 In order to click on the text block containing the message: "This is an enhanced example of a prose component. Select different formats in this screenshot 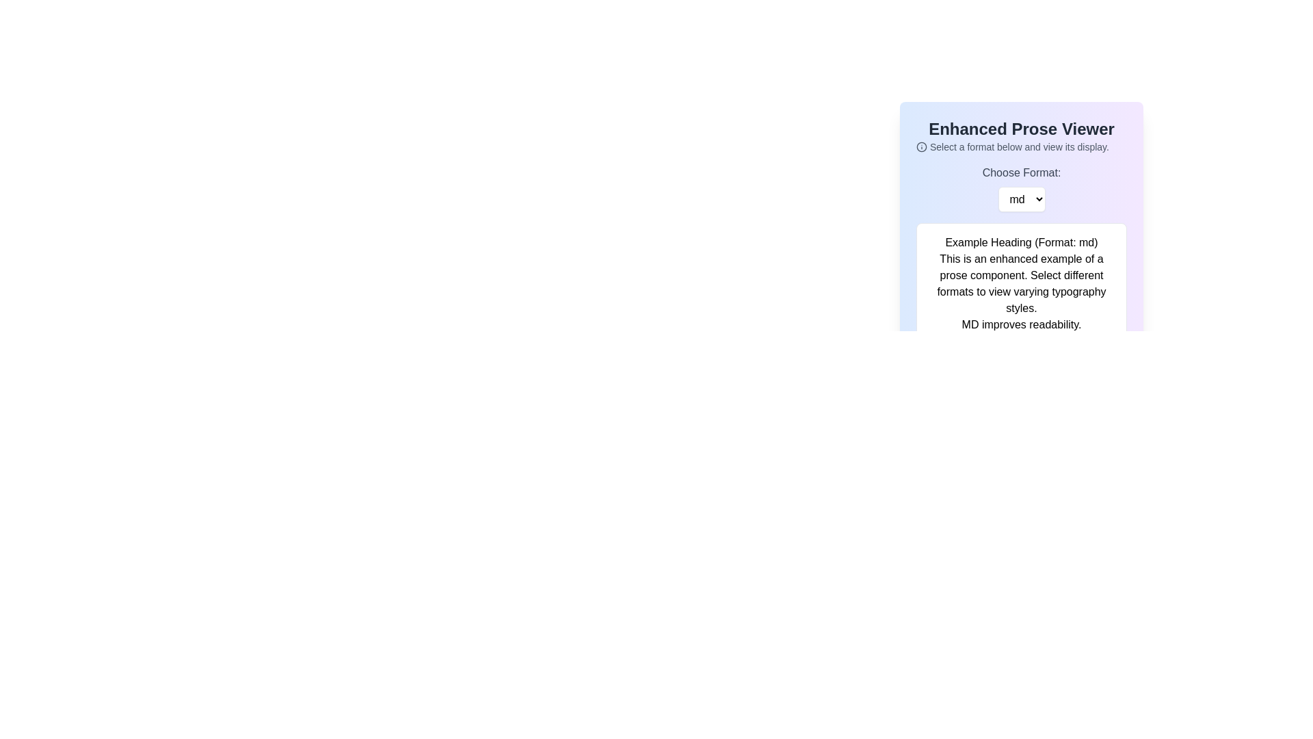, I will do `click(1021, 283)`.